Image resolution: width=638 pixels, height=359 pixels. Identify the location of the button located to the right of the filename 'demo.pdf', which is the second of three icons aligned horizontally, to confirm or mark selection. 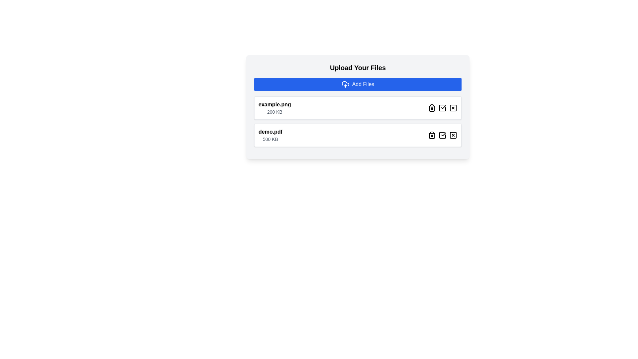
(442, 135).